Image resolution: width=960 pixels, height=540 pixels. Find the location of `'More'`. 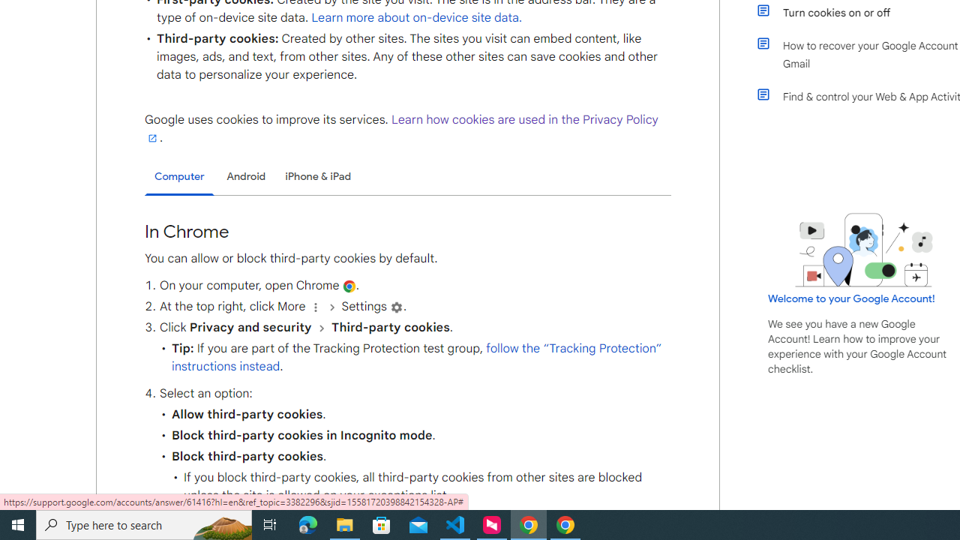

'More' is located at coordinates (314, 306).